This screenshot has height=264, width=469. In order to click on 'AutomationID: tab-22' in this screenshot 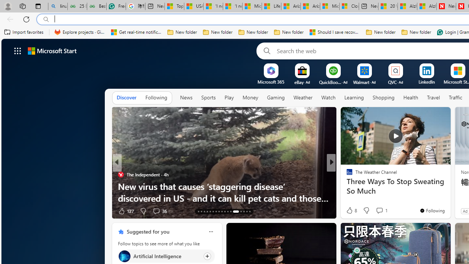, I will do `click(224, 212)`.